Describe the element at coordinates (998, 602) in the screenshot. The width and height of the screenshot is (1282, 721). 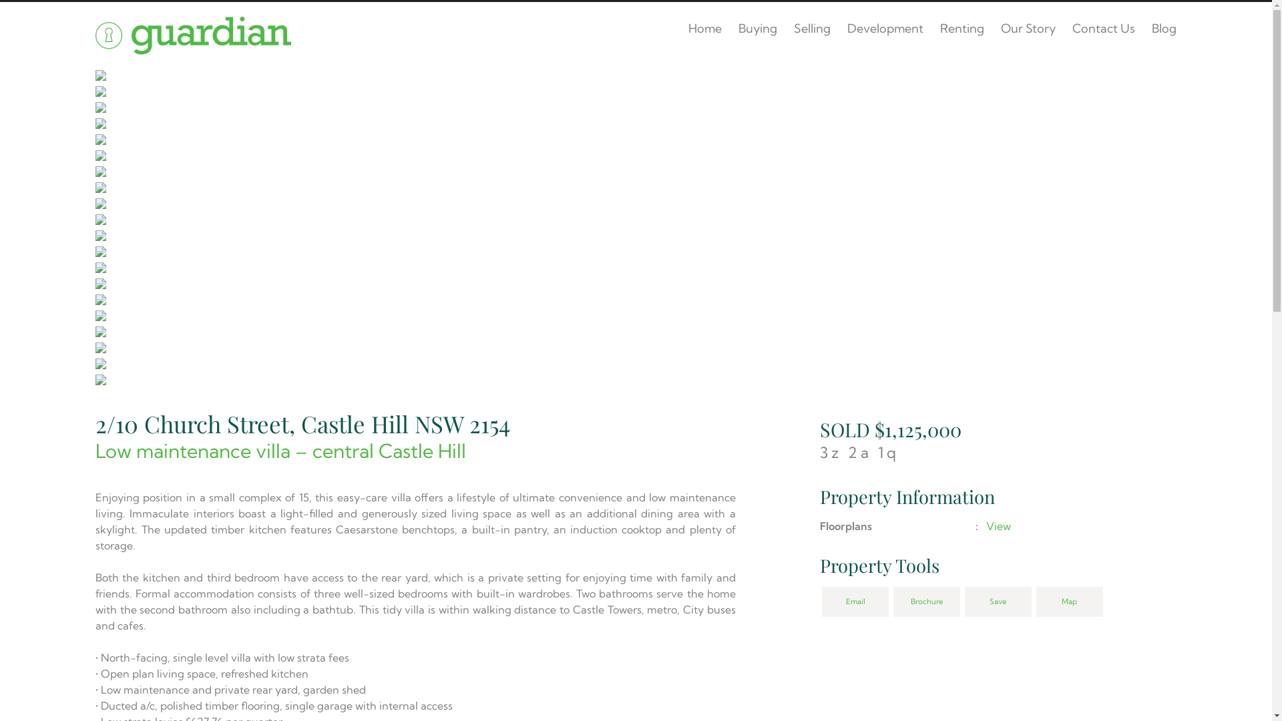
I see `'Save'` at that location.